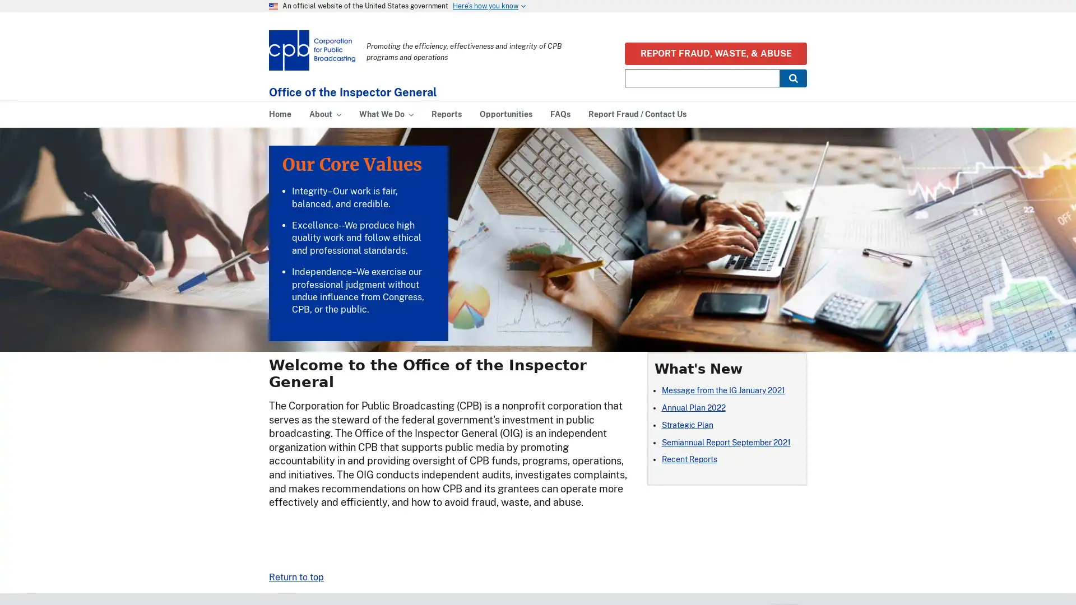 This screenshot has width=1076, height=605. Describe the element at coordinates (793, 77) in the screenshot. I see `Submit Search` at that location.